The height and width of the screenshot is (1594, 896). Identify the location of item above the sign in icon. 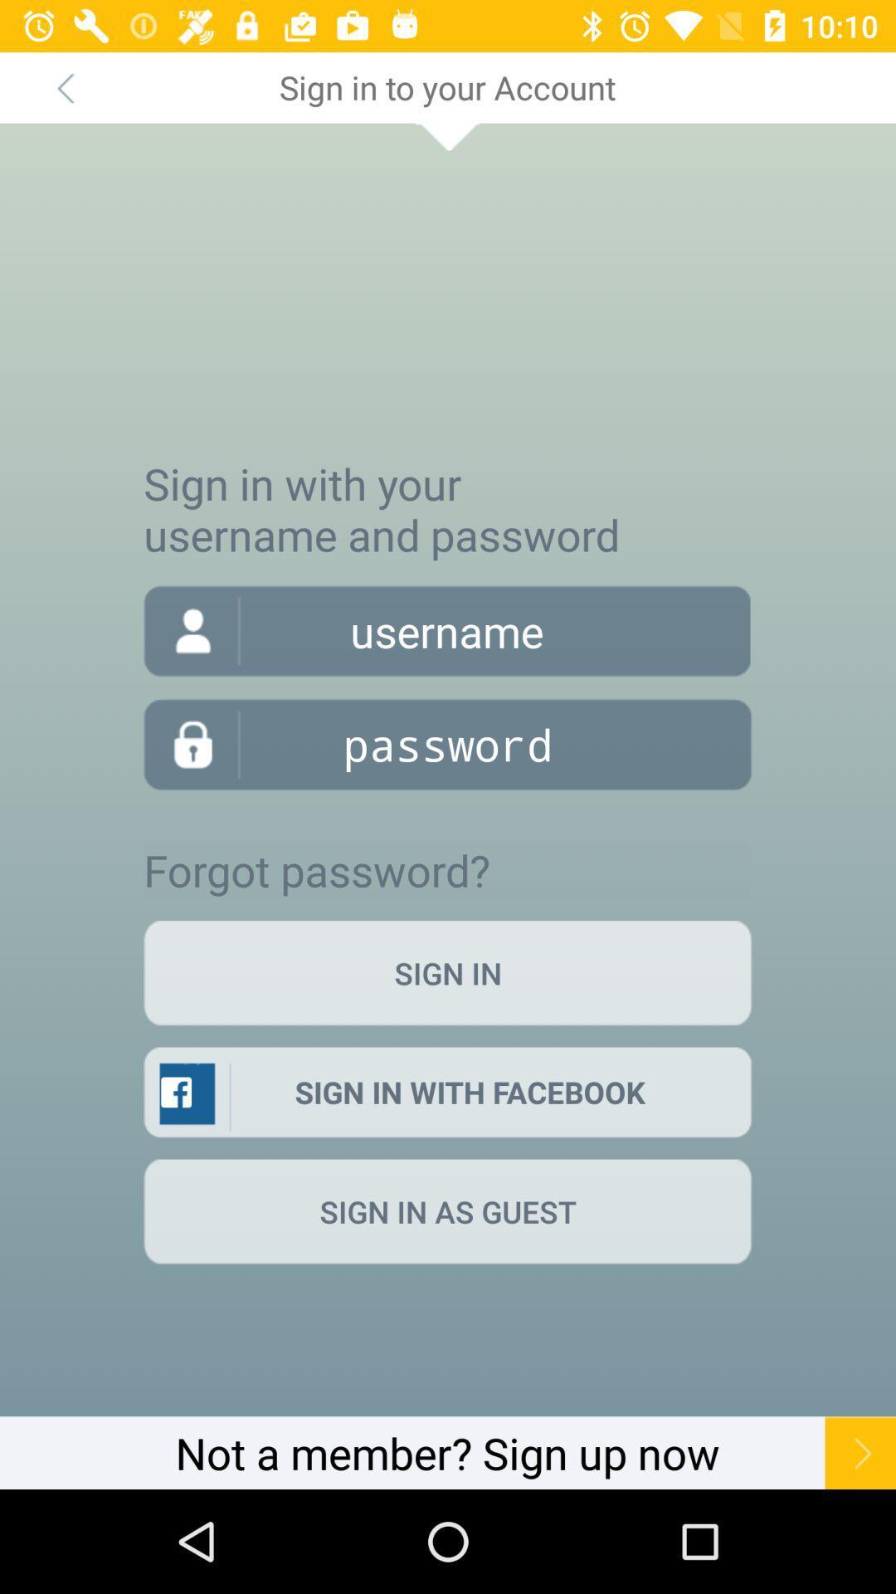
(317, 869).